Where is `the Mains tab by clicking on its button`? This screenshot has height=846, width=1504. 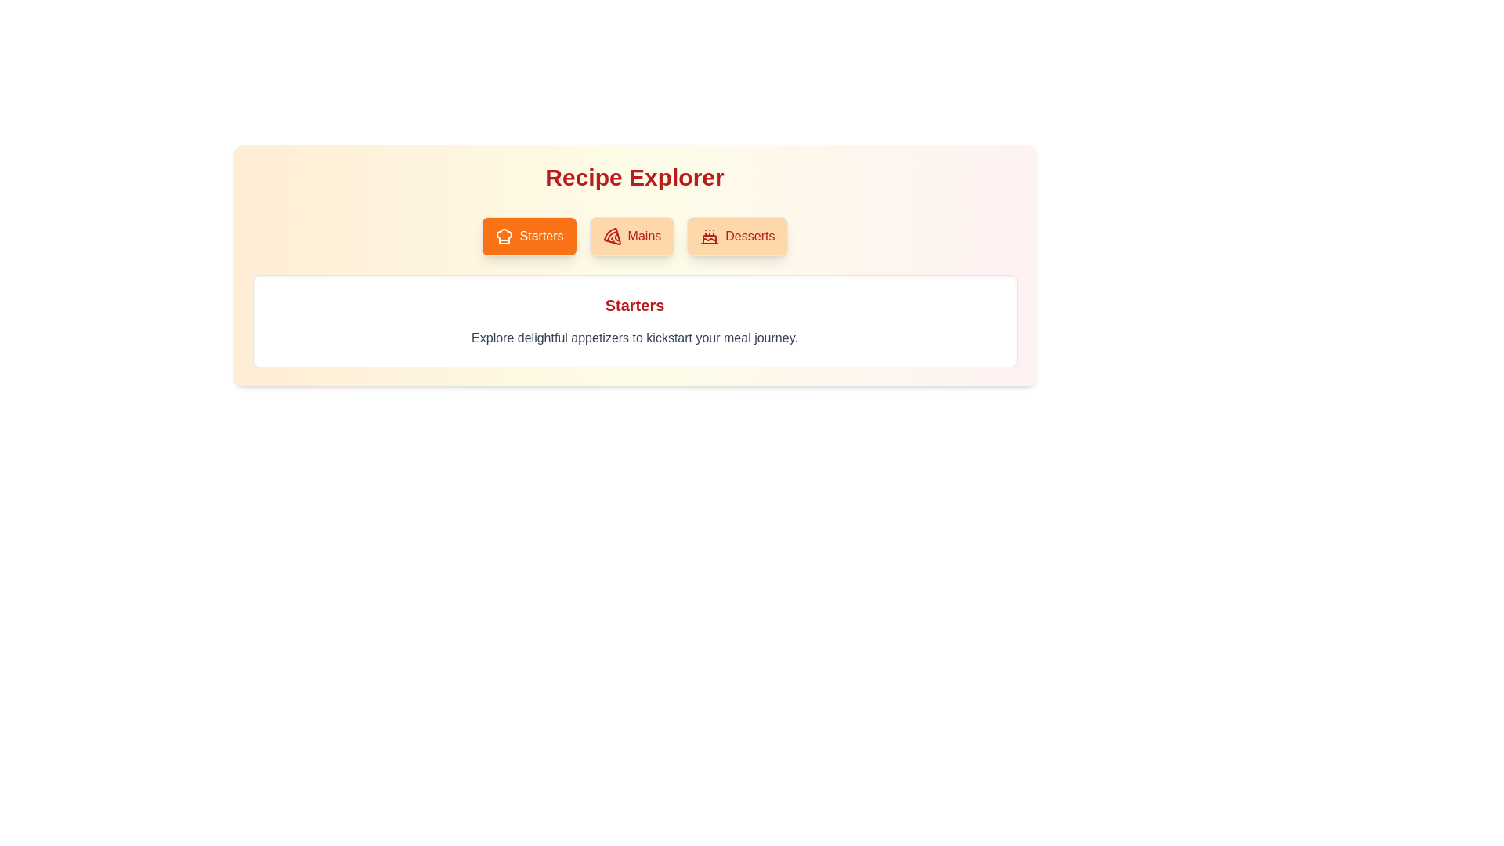 the Mains tab by clicking on its button is located at coordinates (631, 236).